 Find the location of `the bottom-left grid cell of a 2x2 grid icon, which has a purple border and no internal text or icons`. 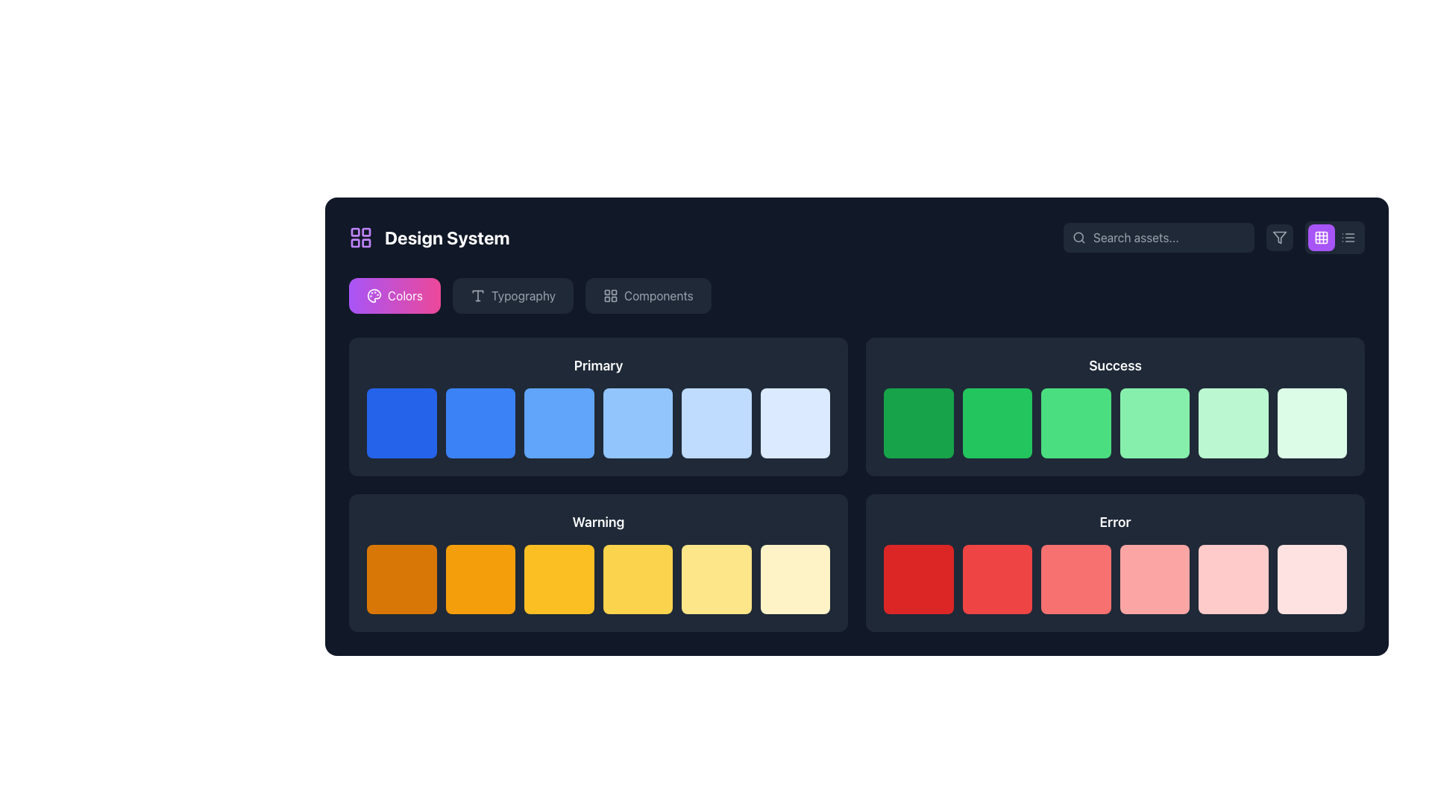

the bottom-left grid cell of a 2x2 grid icon, which has a purple border and no internal text or icons is located at coordinates (354, 242).